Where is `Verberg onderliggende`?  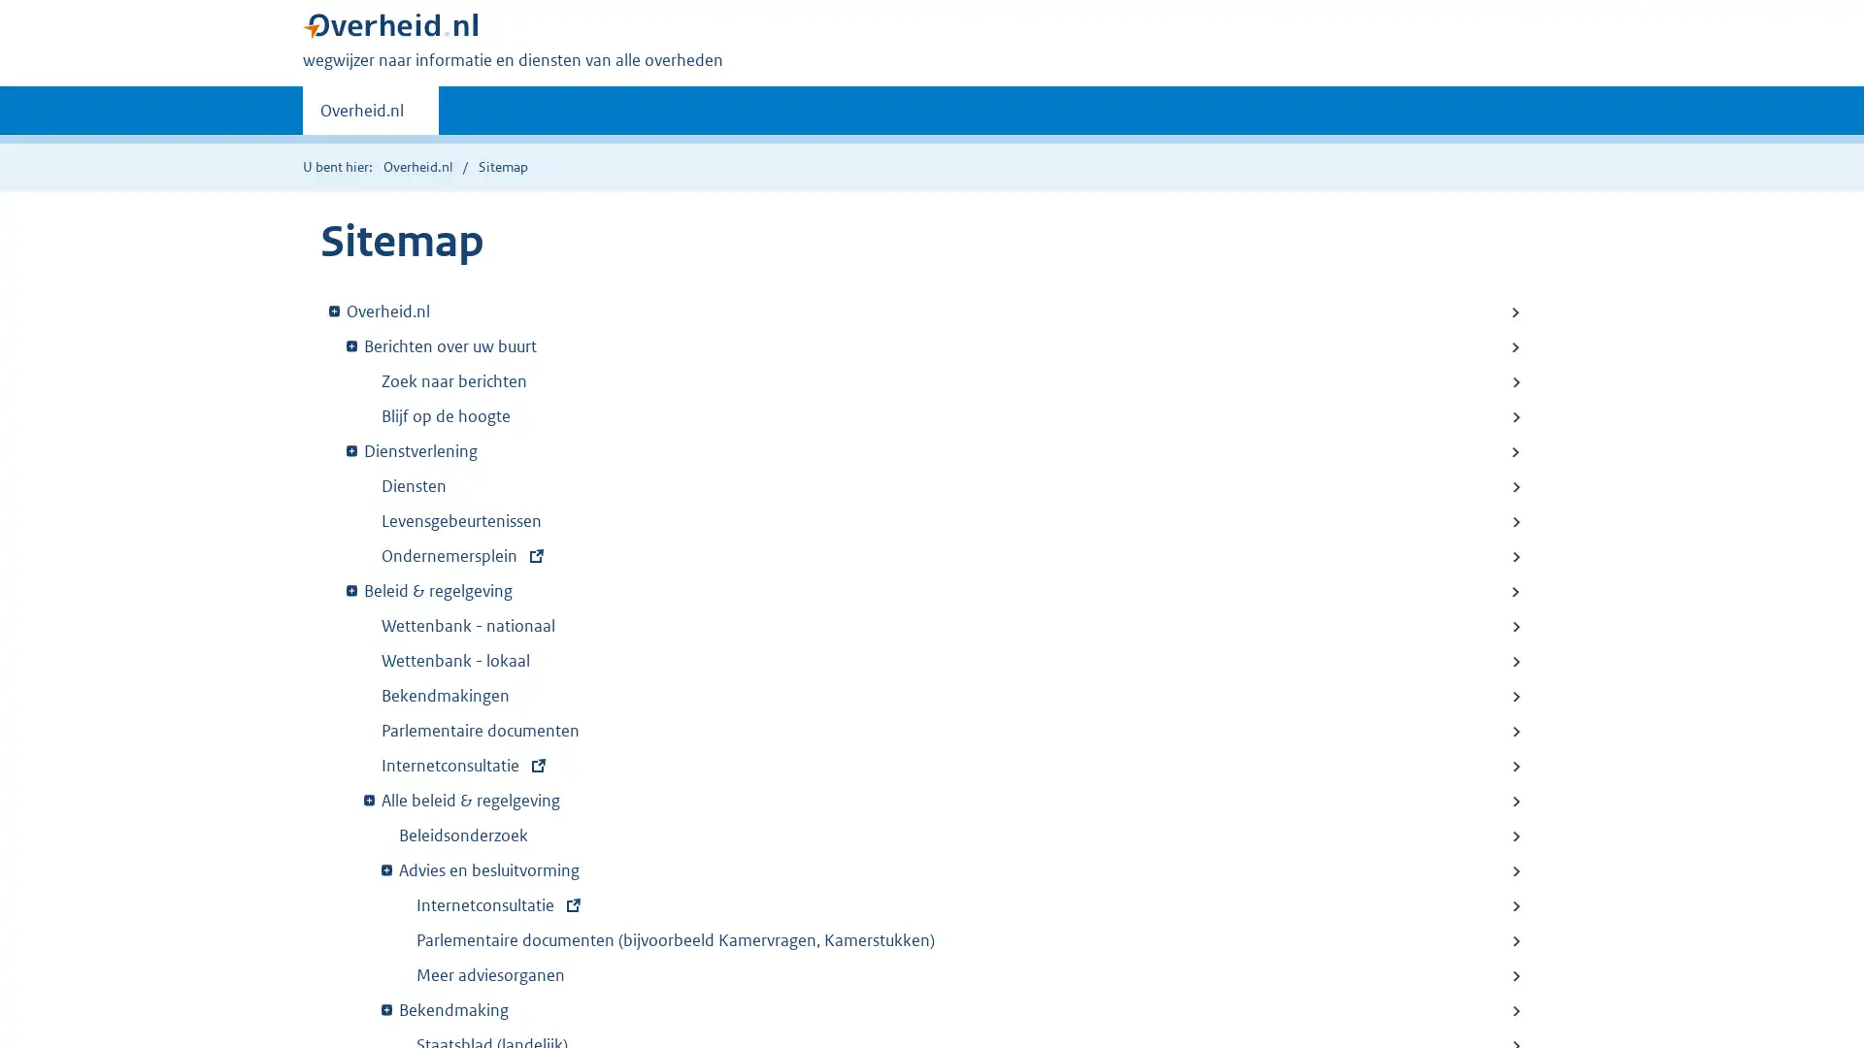 Verberg onderliggende is located at coordinates (386, 868).